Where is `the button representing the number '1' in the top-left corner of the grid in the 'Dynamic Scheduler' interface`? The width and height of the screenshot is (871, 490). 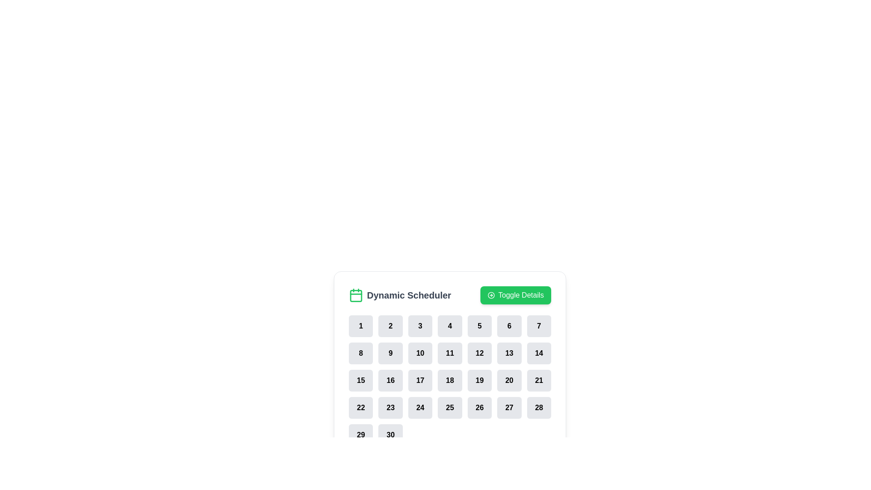
the button representing the number '1' in the top-left corner of the grid in the 'Dynamic Scheduler' interface is located at coordinates (360, 325).